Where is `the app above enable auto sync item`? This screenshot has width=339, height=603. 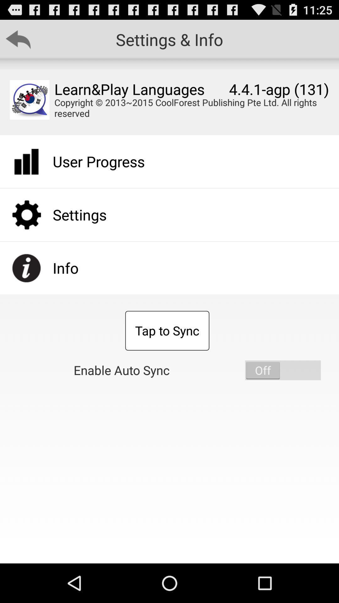 the app above enable auto sync item is located at coordinates (167, 330).